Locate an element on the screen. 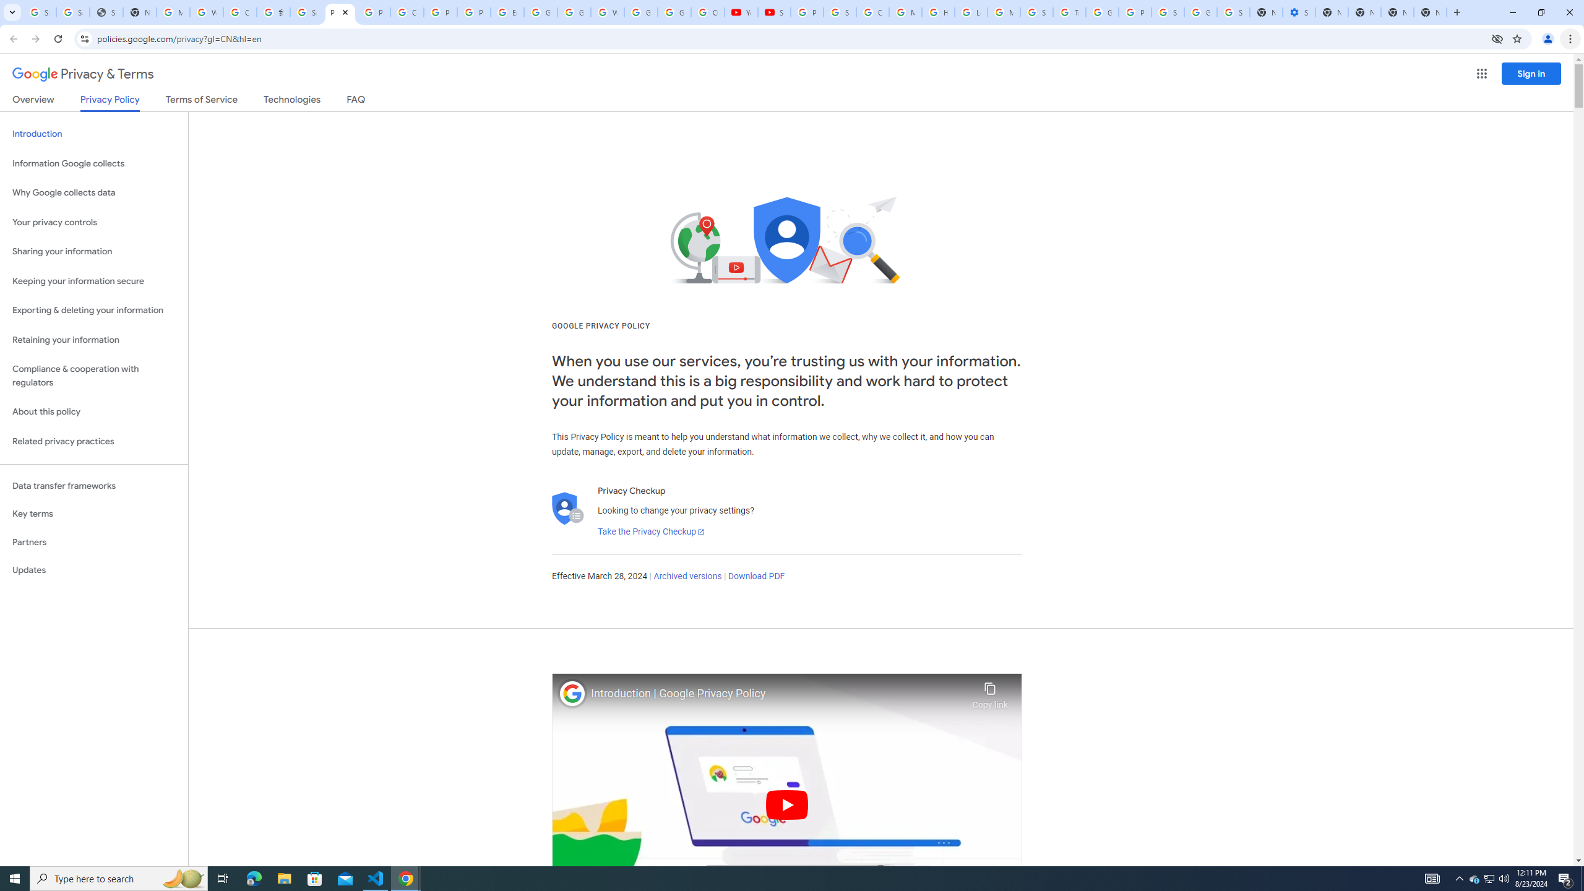 The image size is (1584, 891). 'Archived versions' is located at coordinates (687, 575).